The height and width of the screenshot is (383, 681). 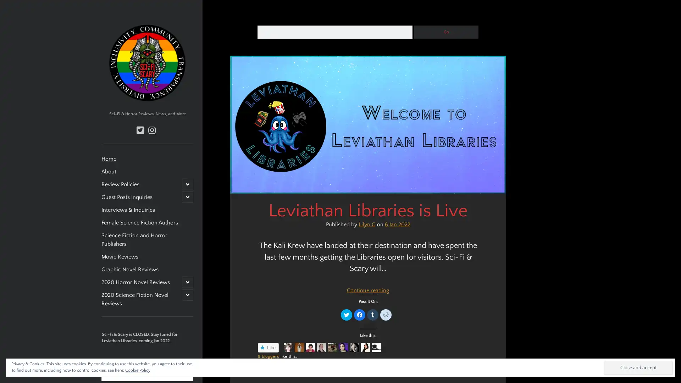 I want to click on open child menu, so click(x=187, y=197).